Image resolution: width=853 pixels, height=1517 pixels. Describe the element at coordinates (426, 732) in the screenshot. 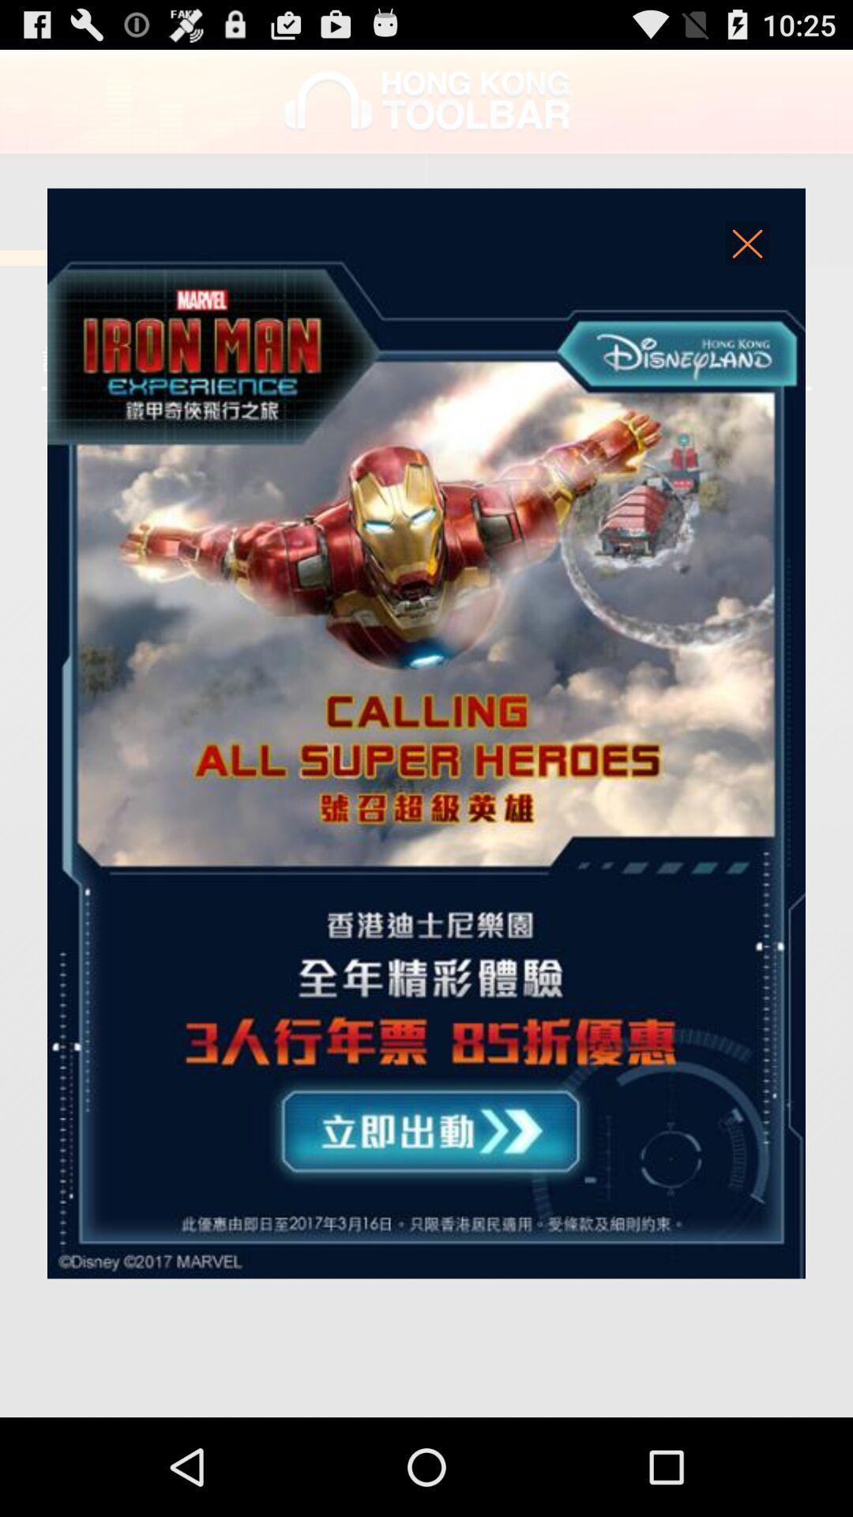

I see `open an advertisements` at that location.